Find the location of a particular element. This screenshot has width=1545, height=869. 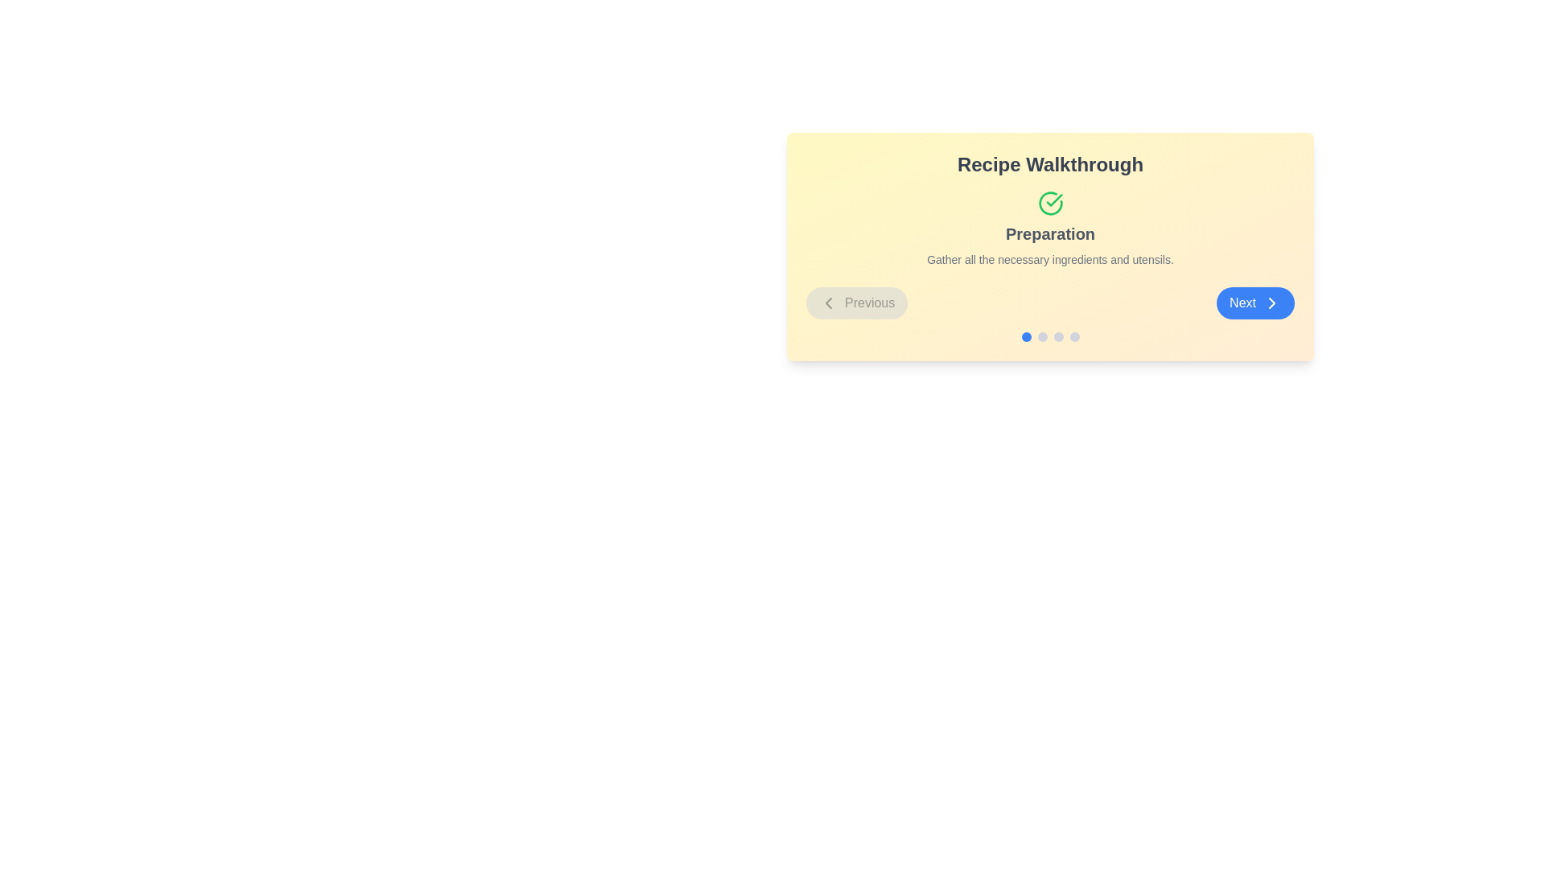

the 'Previous' button, which is a rounded rectangular button with light gray text and a left-pointing chevron icon, located on the left side of the navigation control section at the bottom of the 'Recipe Walkthrough' card is located at coordinates (856, 303).